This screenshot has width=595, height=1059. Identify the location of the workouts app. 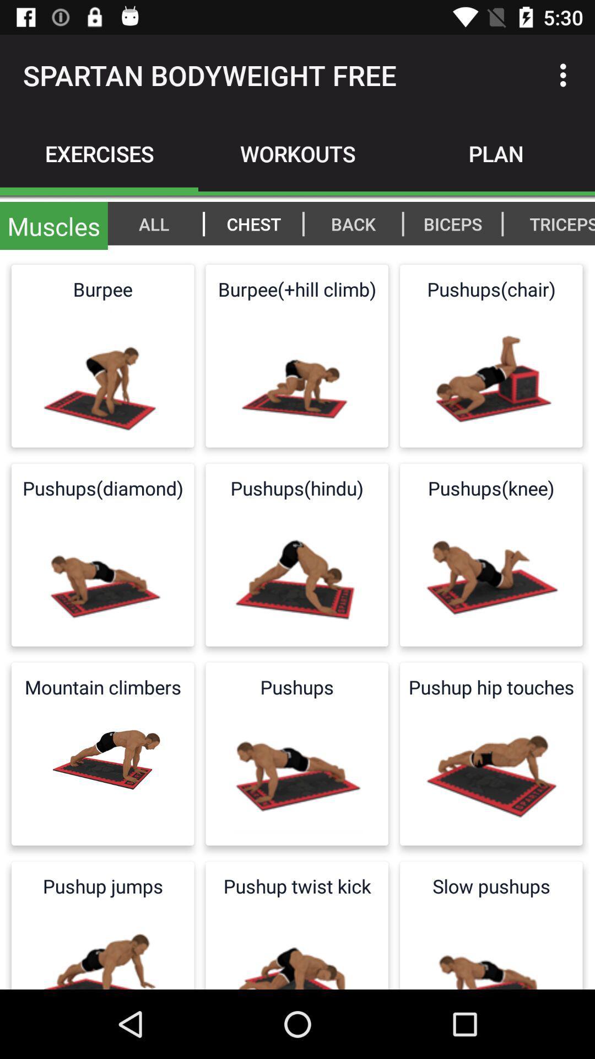
(297, 153).